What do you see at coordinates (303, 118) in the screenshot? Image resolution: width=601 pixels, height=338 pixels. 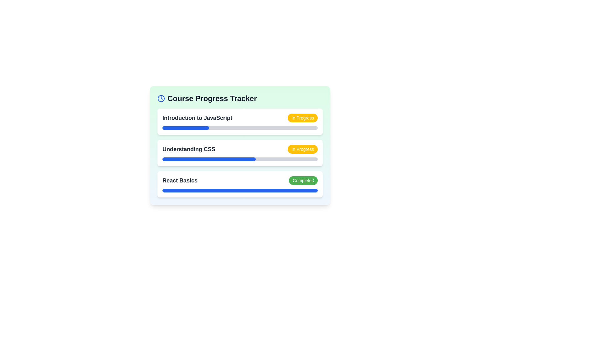 I see `the Informational badge with a yellow background and white text reading 'In Progress', located in the 'Course Progress Tracker' section, to the right of the 'Introduction to JavaScript' text` at bounding box center [303, 118].